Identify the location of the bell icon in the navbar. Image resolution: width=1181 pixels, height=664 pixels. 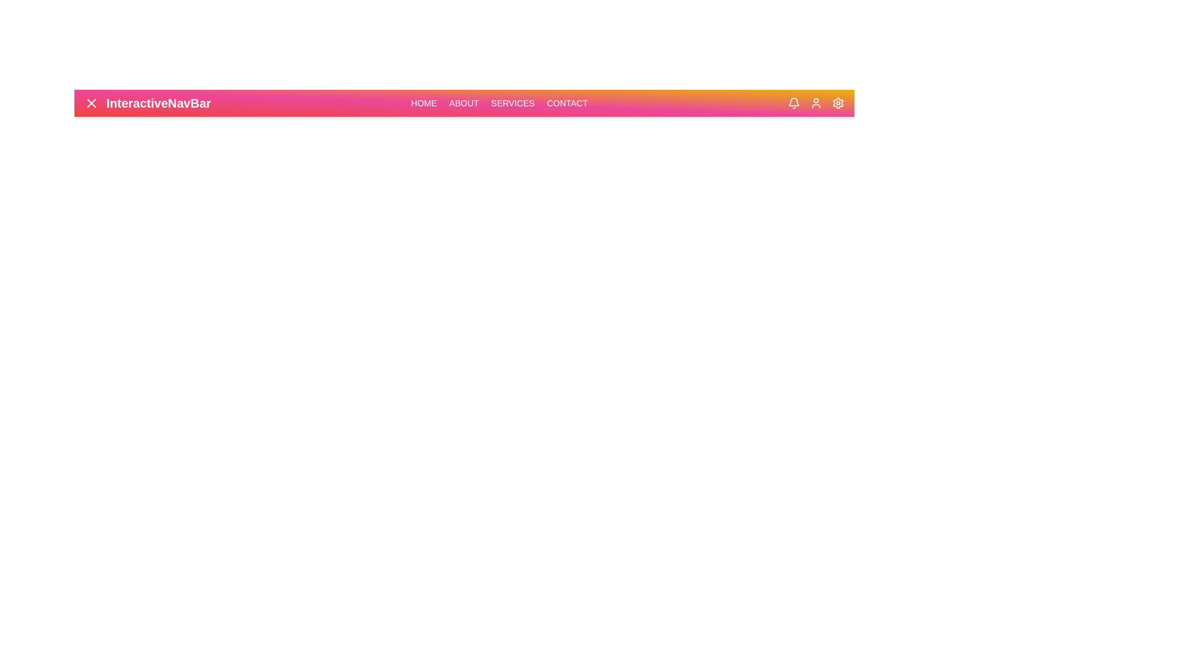
(794, 103).